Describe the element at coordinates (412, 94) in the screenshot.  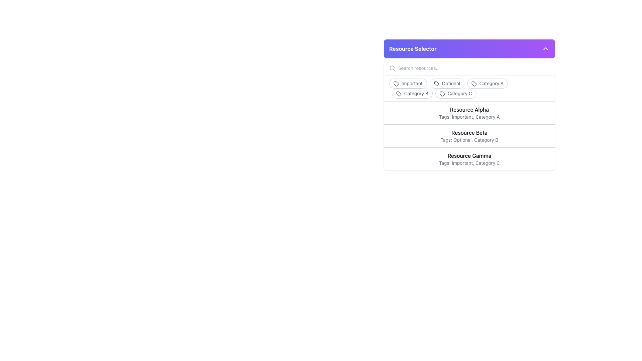
I see `the 'Category B' button, which is styled as a chip with rounded corners and displays the text 'Category B' along with a tag icon, to trigger visual feedback` at that location.